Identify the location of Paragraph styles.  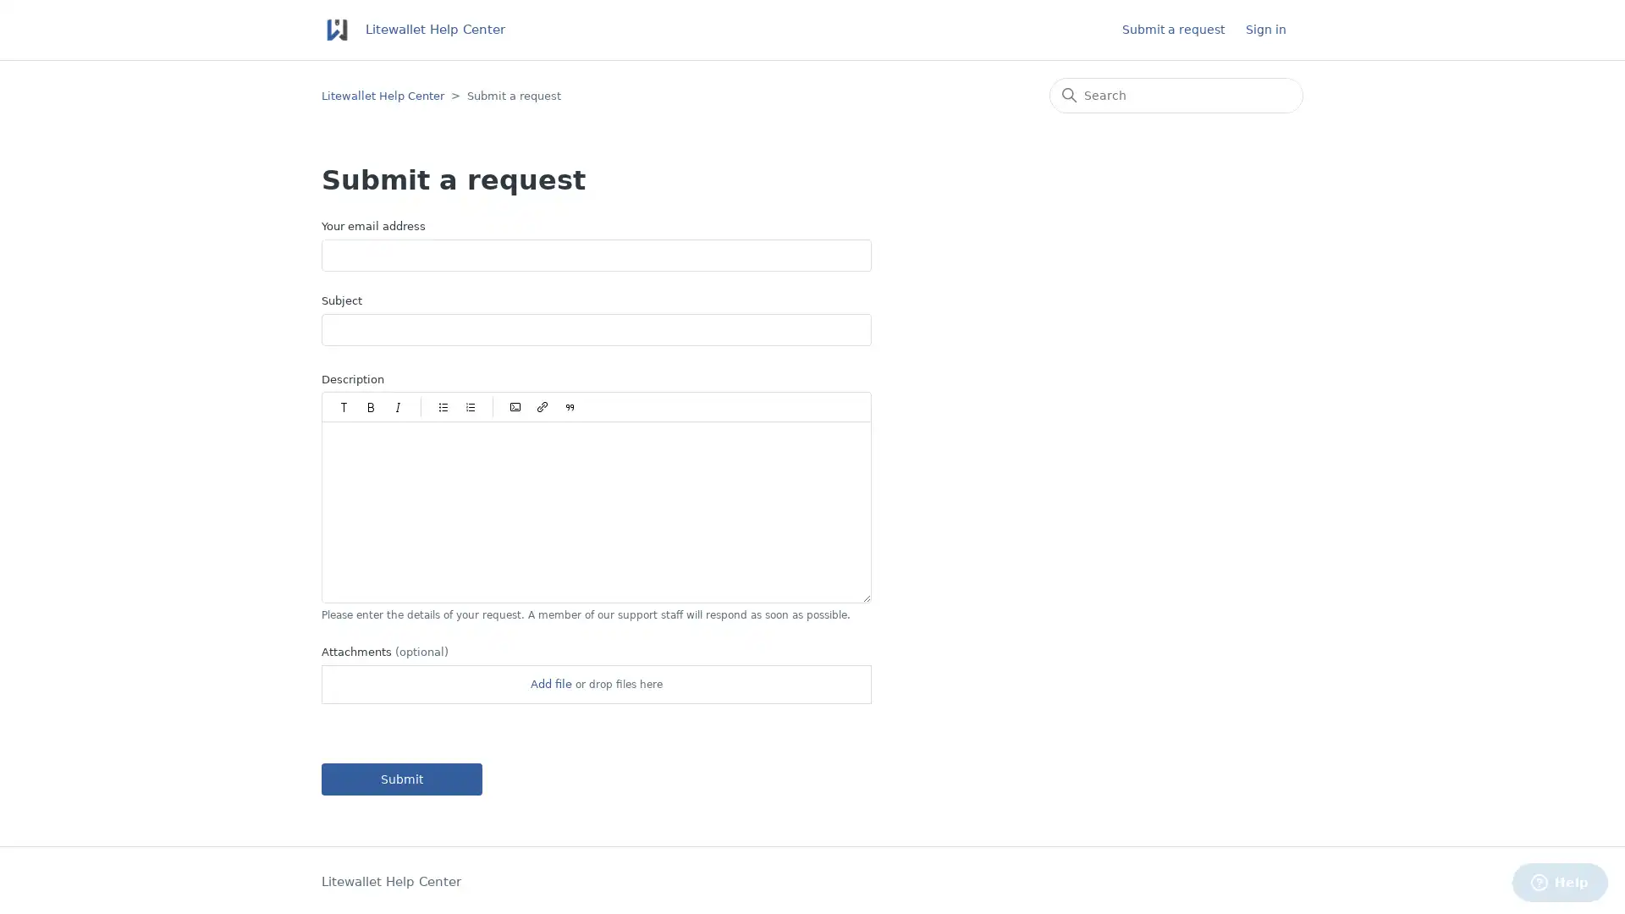
(344, 407).